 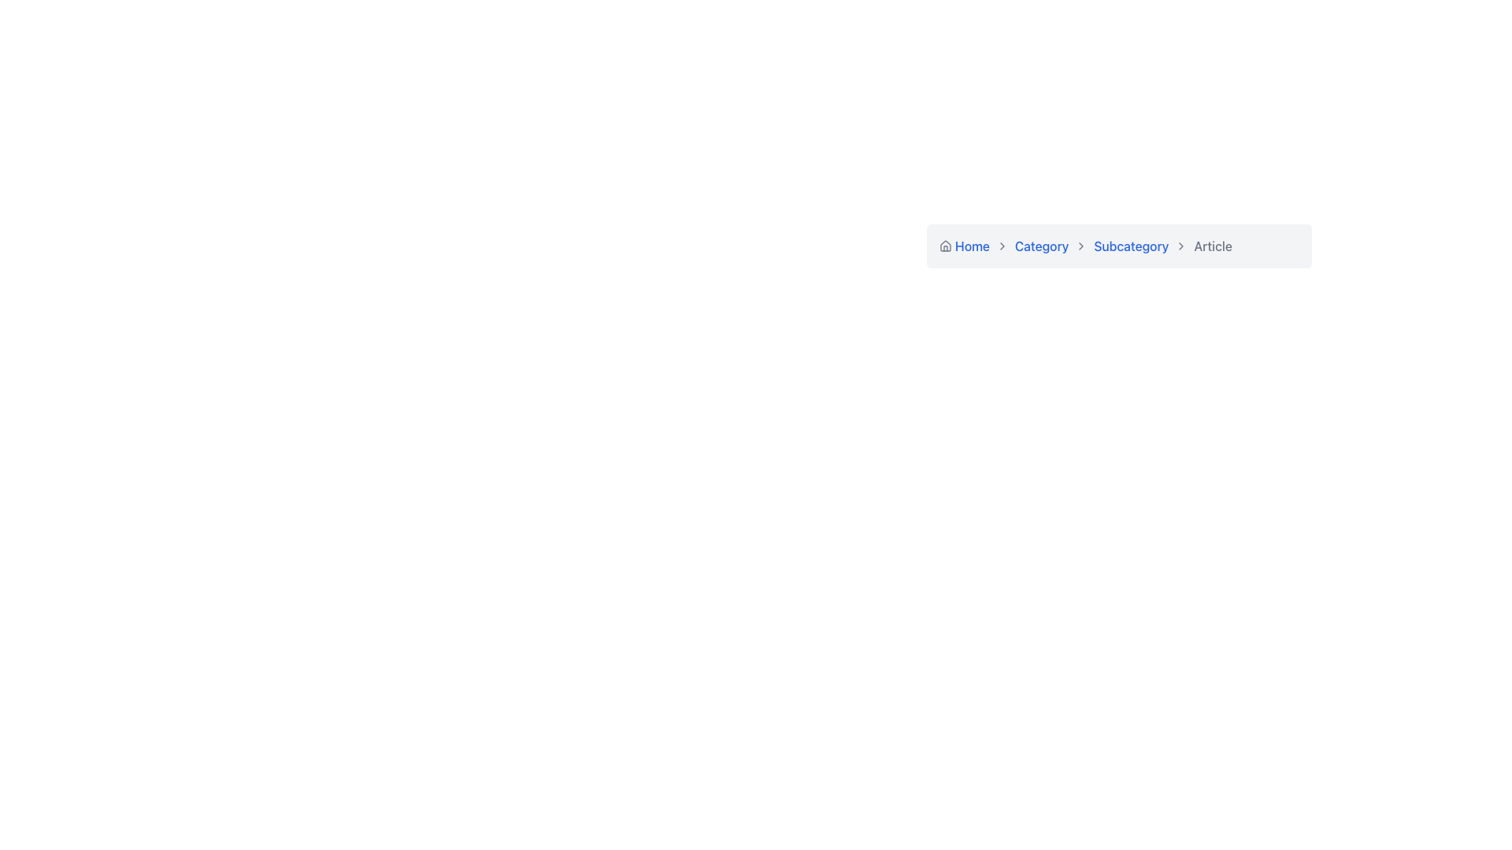 I want to click on the Breadcrumb item labeled 'Article' which is styled in lighter gray and positioned at the top-right corner of the breadcrumb navigation bar, so click(x=1212, y=246).